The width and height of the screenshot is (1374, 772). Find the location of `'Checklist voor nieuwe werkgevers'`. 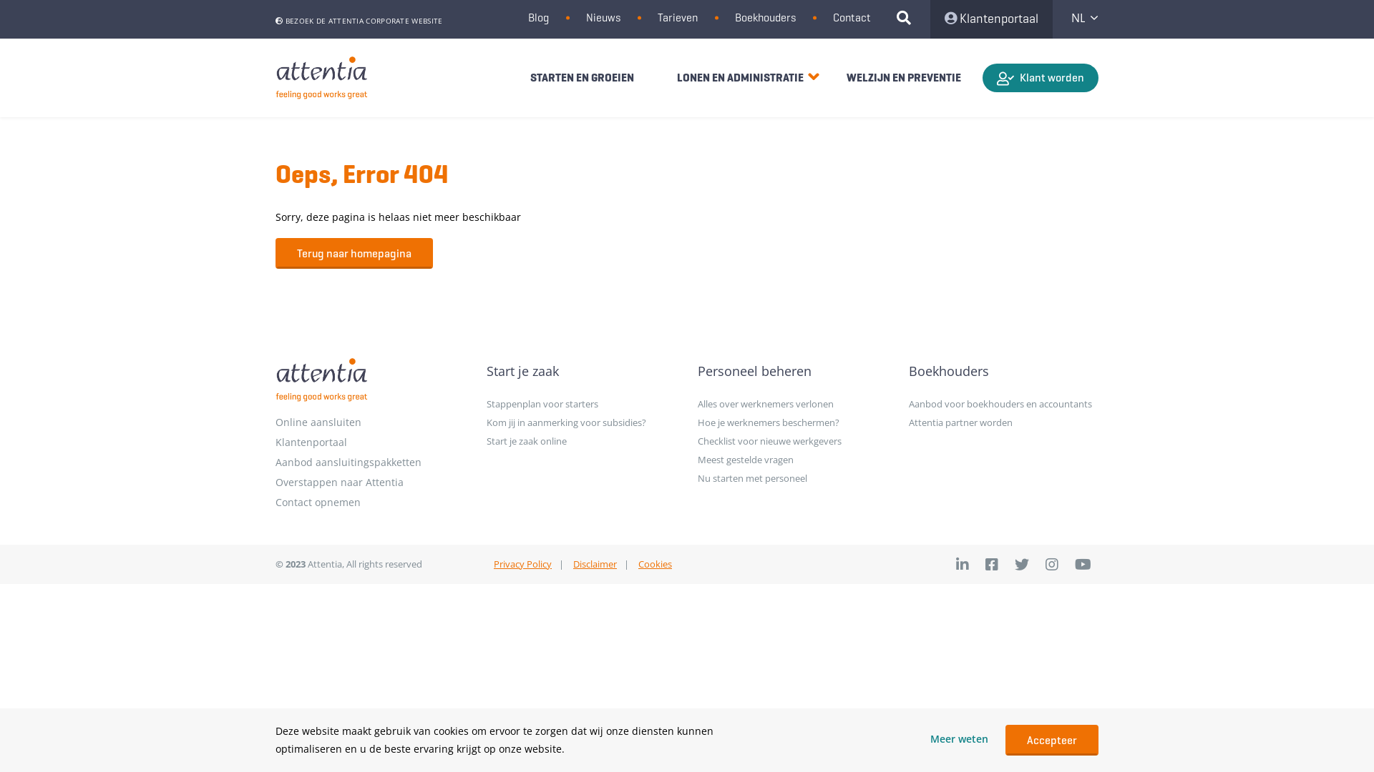

'Checklist voor nieuwe werkgevers' is located at coordinates (791, 440).